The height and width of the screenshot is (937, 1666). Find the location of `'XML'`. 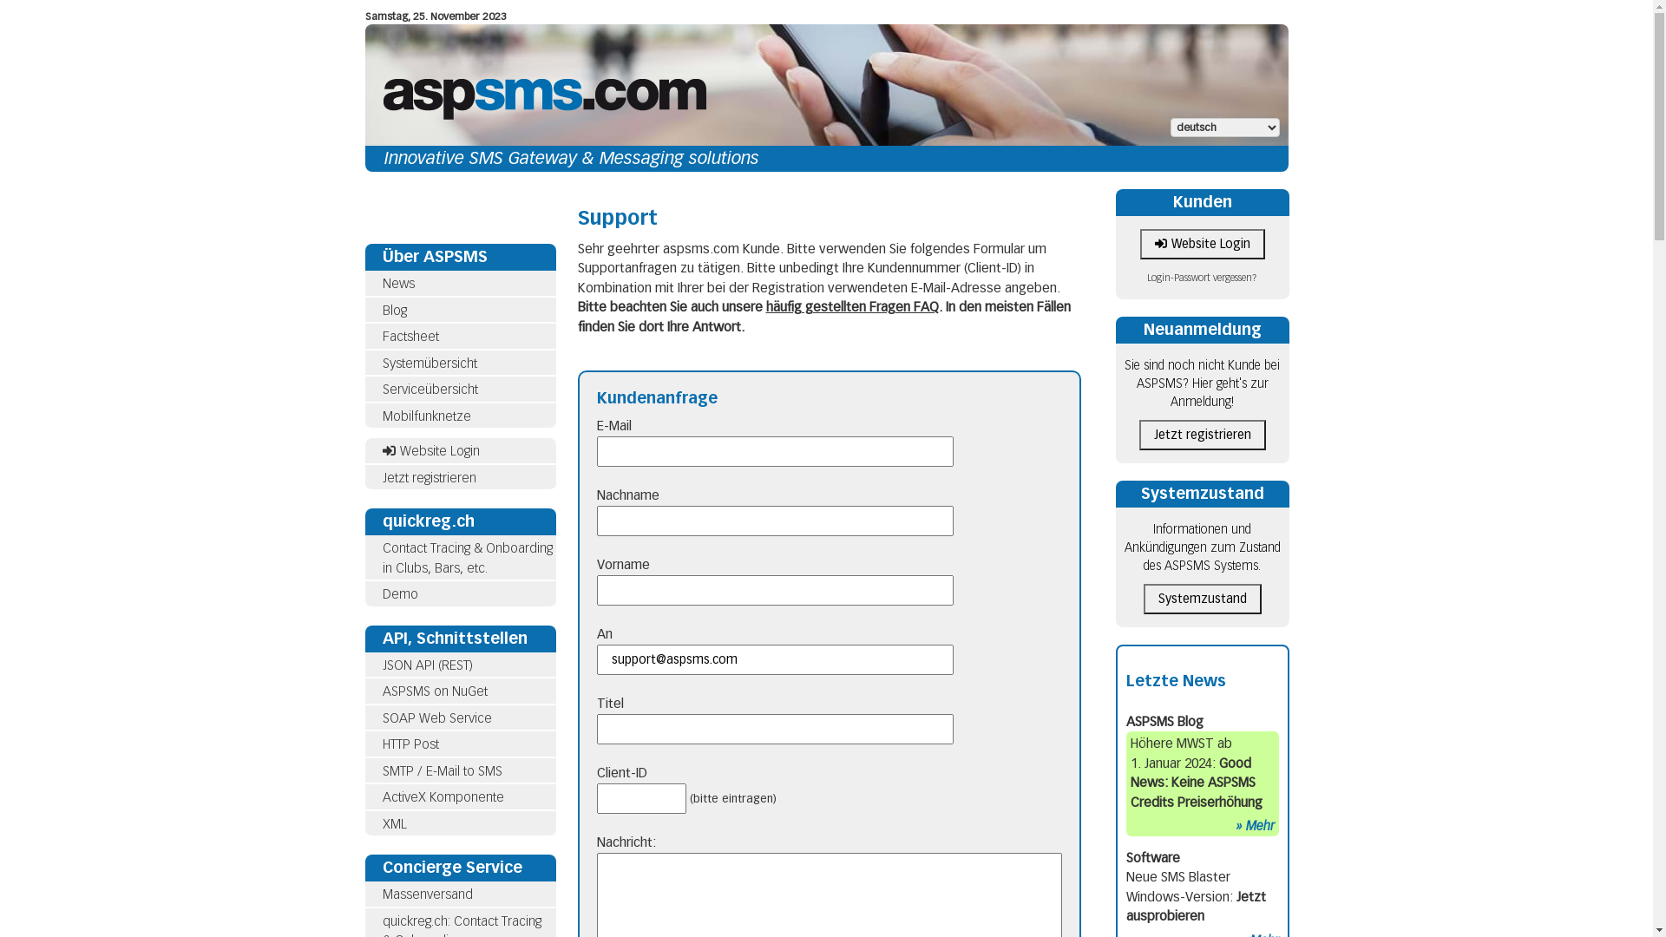

'XML' is located at coordinates (393, 822).